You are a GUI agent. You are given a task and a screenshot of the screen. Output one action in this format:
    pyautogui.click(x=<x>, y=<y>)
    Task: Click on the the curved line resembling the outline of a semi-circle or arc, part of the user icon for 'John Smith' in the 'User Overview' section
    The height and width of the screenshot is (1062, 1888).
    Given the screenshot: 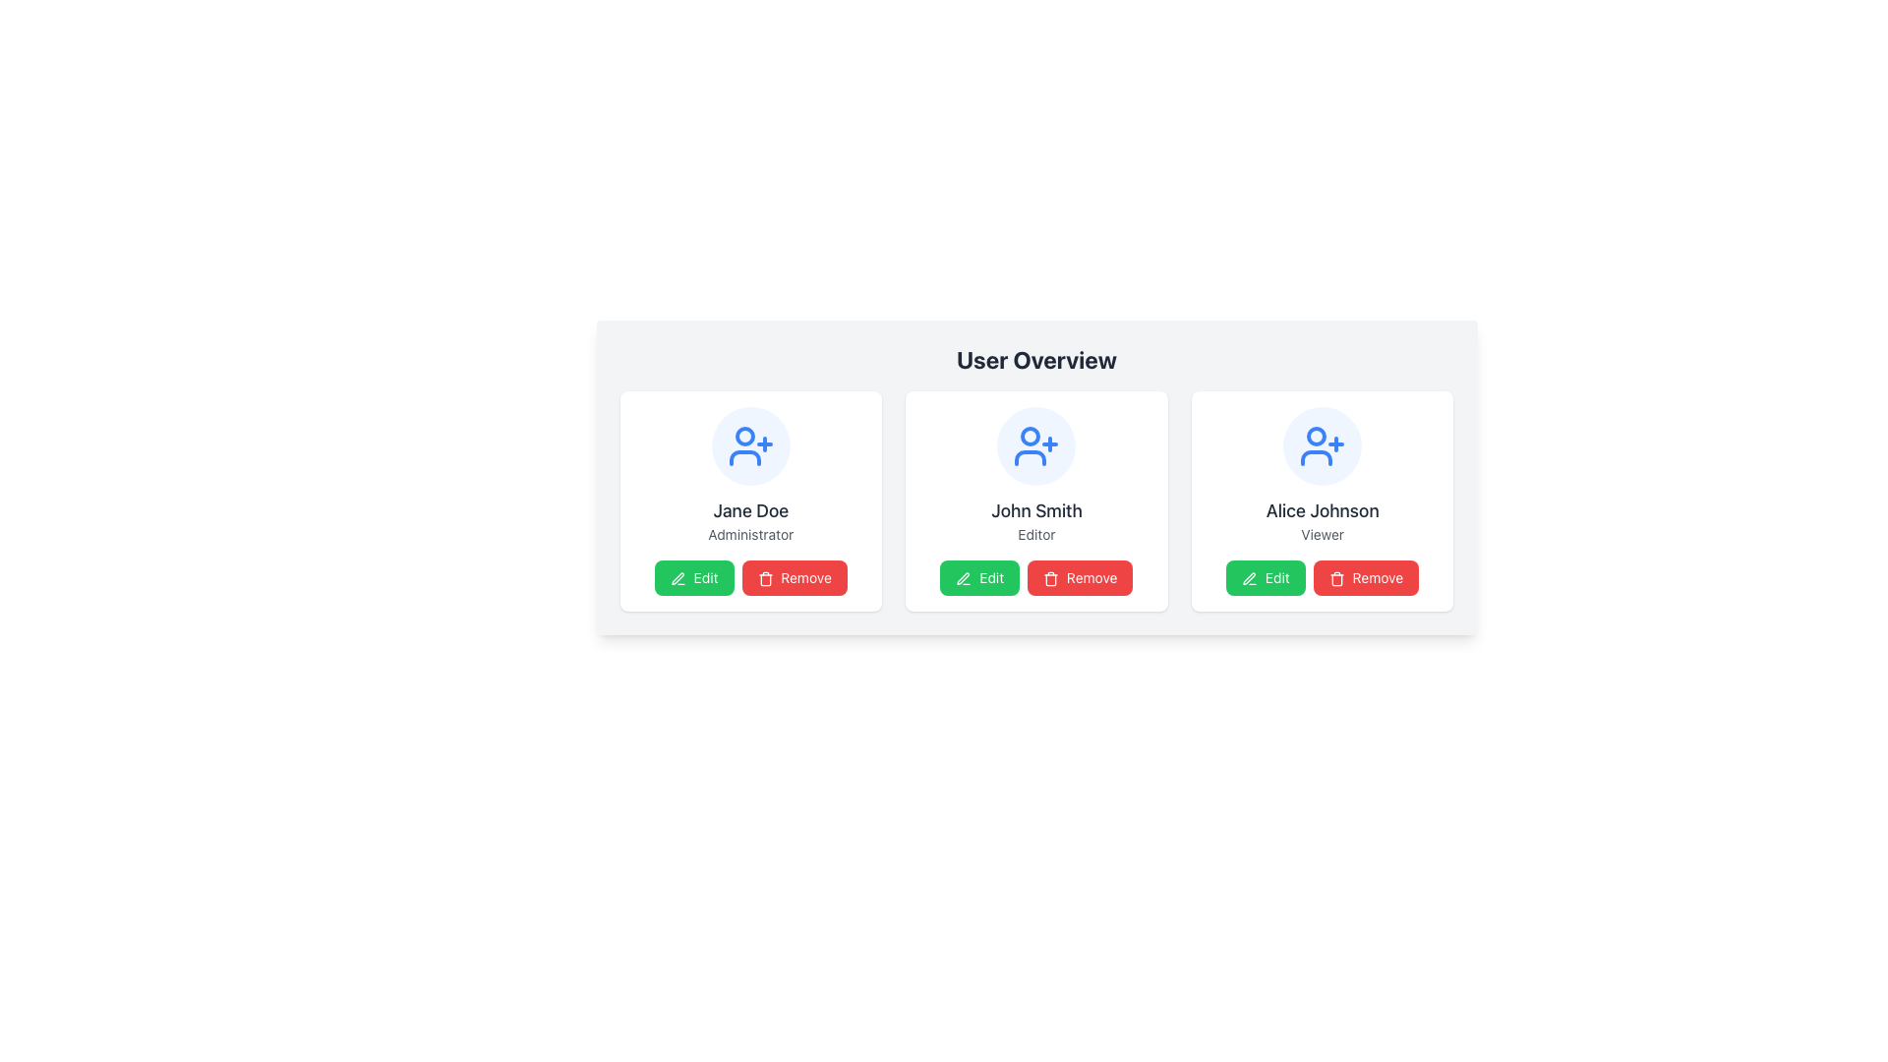 What is the action you would take?
    pyautogui.click(x=1030, y=458)
    